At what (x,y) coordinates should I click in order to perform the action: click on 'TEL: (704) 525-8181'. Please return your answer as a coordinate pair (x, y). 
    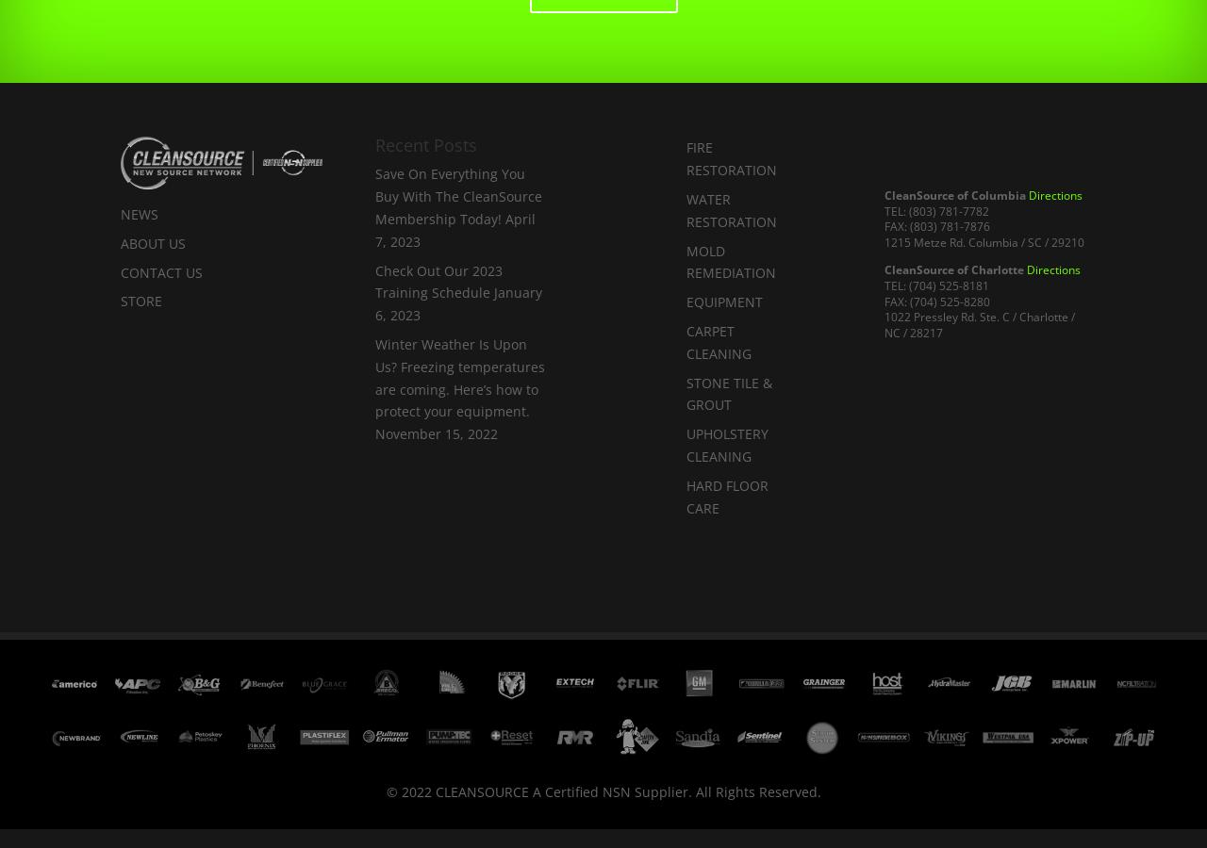
    Looking at the image, I should click on (936, 284).